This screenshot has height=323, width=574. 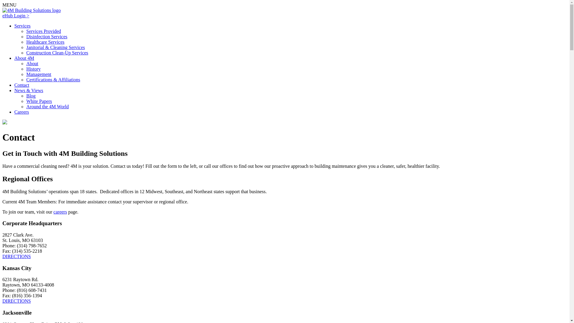 What do you see at coordinates (2, 5) in the screenshot?
I see `'MENU'` at bounding box center [2, 5].